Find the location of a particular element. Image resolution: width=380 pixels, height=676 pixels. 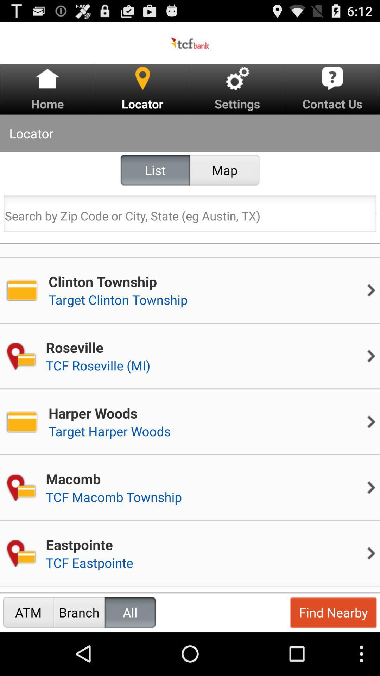

the all radio button is located at coordinates (130, 612).